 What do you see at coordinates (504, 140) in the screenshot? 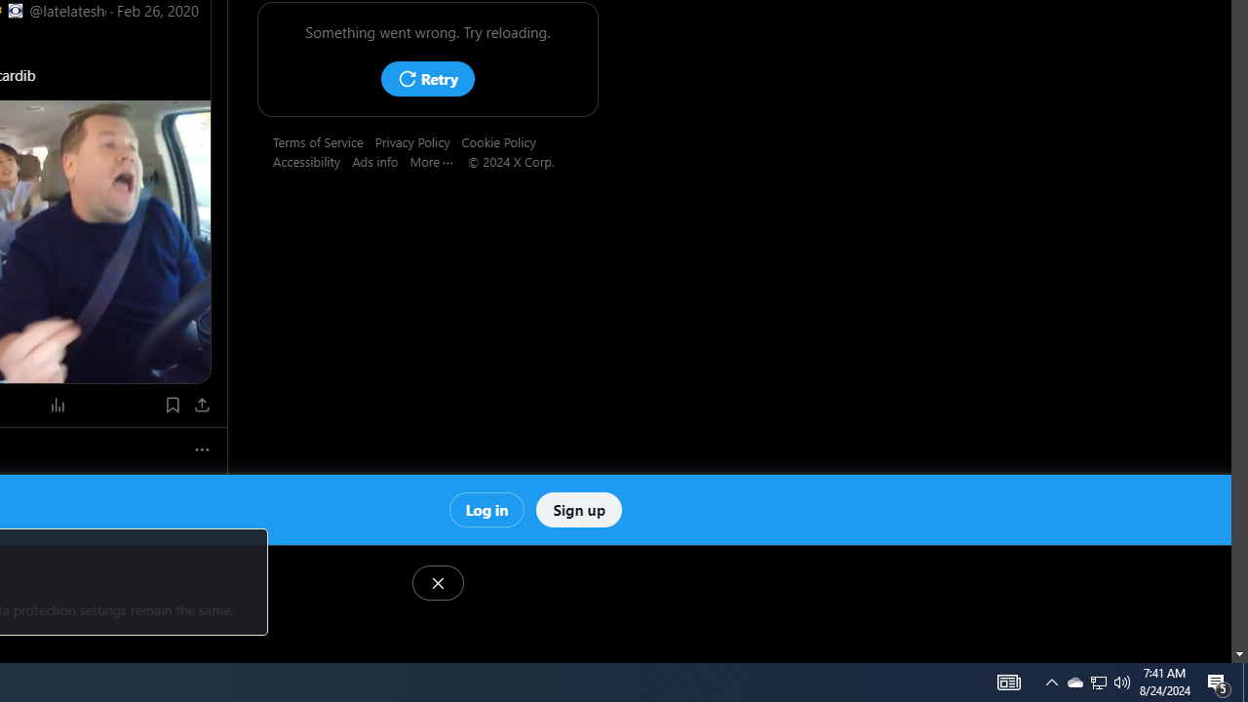
I see `'Cookie Policy'` at bounding box center [504, 140].